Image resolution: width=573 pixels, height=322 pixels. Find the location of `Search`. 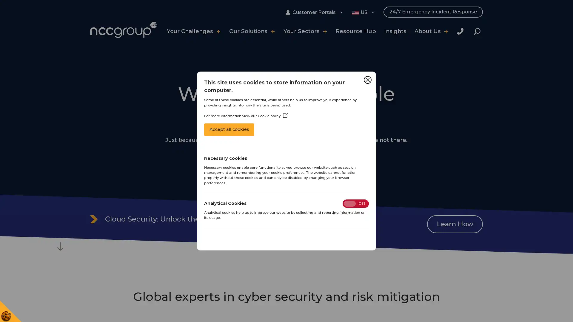

Search is located at coordinates (478, 31).